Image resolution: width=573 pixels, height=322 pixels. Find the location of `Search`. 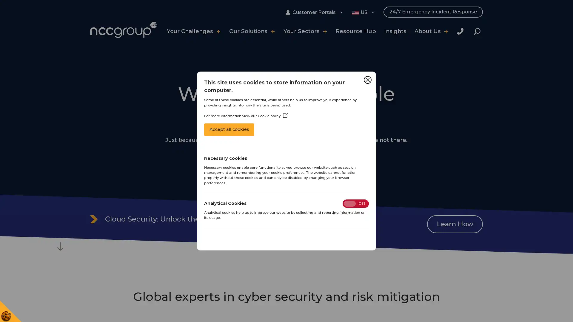

Search is located at coordinates (478, 31).